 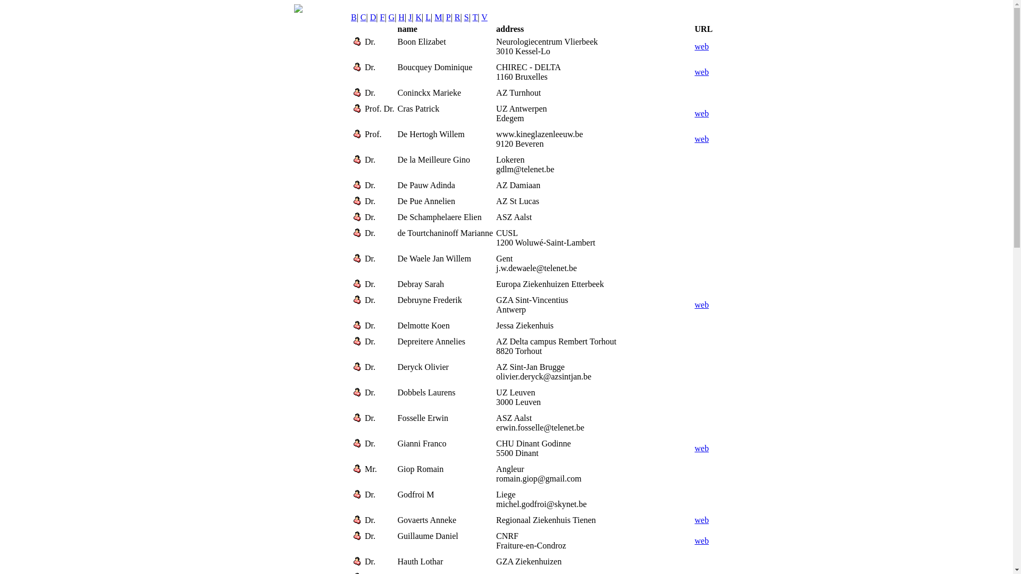 What do you see at coordinates (701, 113) in the screenshot?
I see `'web'` at bounding box center [701, 113].